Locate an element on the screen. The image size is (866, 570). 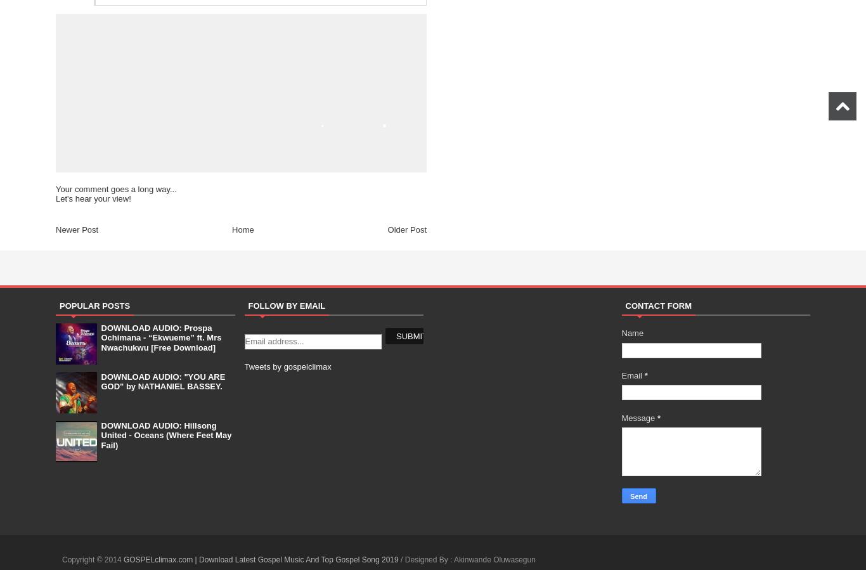
'Message' is located at coordinates (638, 417).